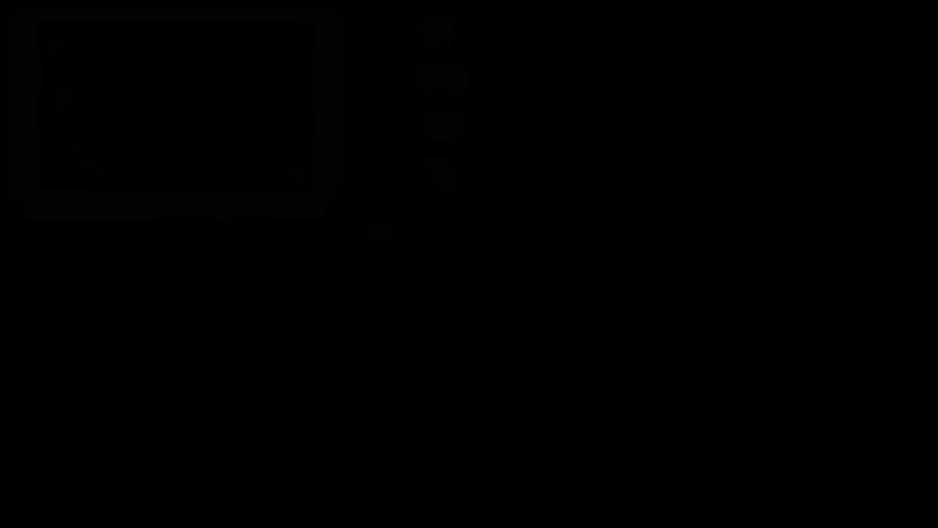 This screenshot has width=938, height=528. What do you see at coordinates (377, 209) in the screenshot?
I see `MENU` at bounding box center [377, 209].